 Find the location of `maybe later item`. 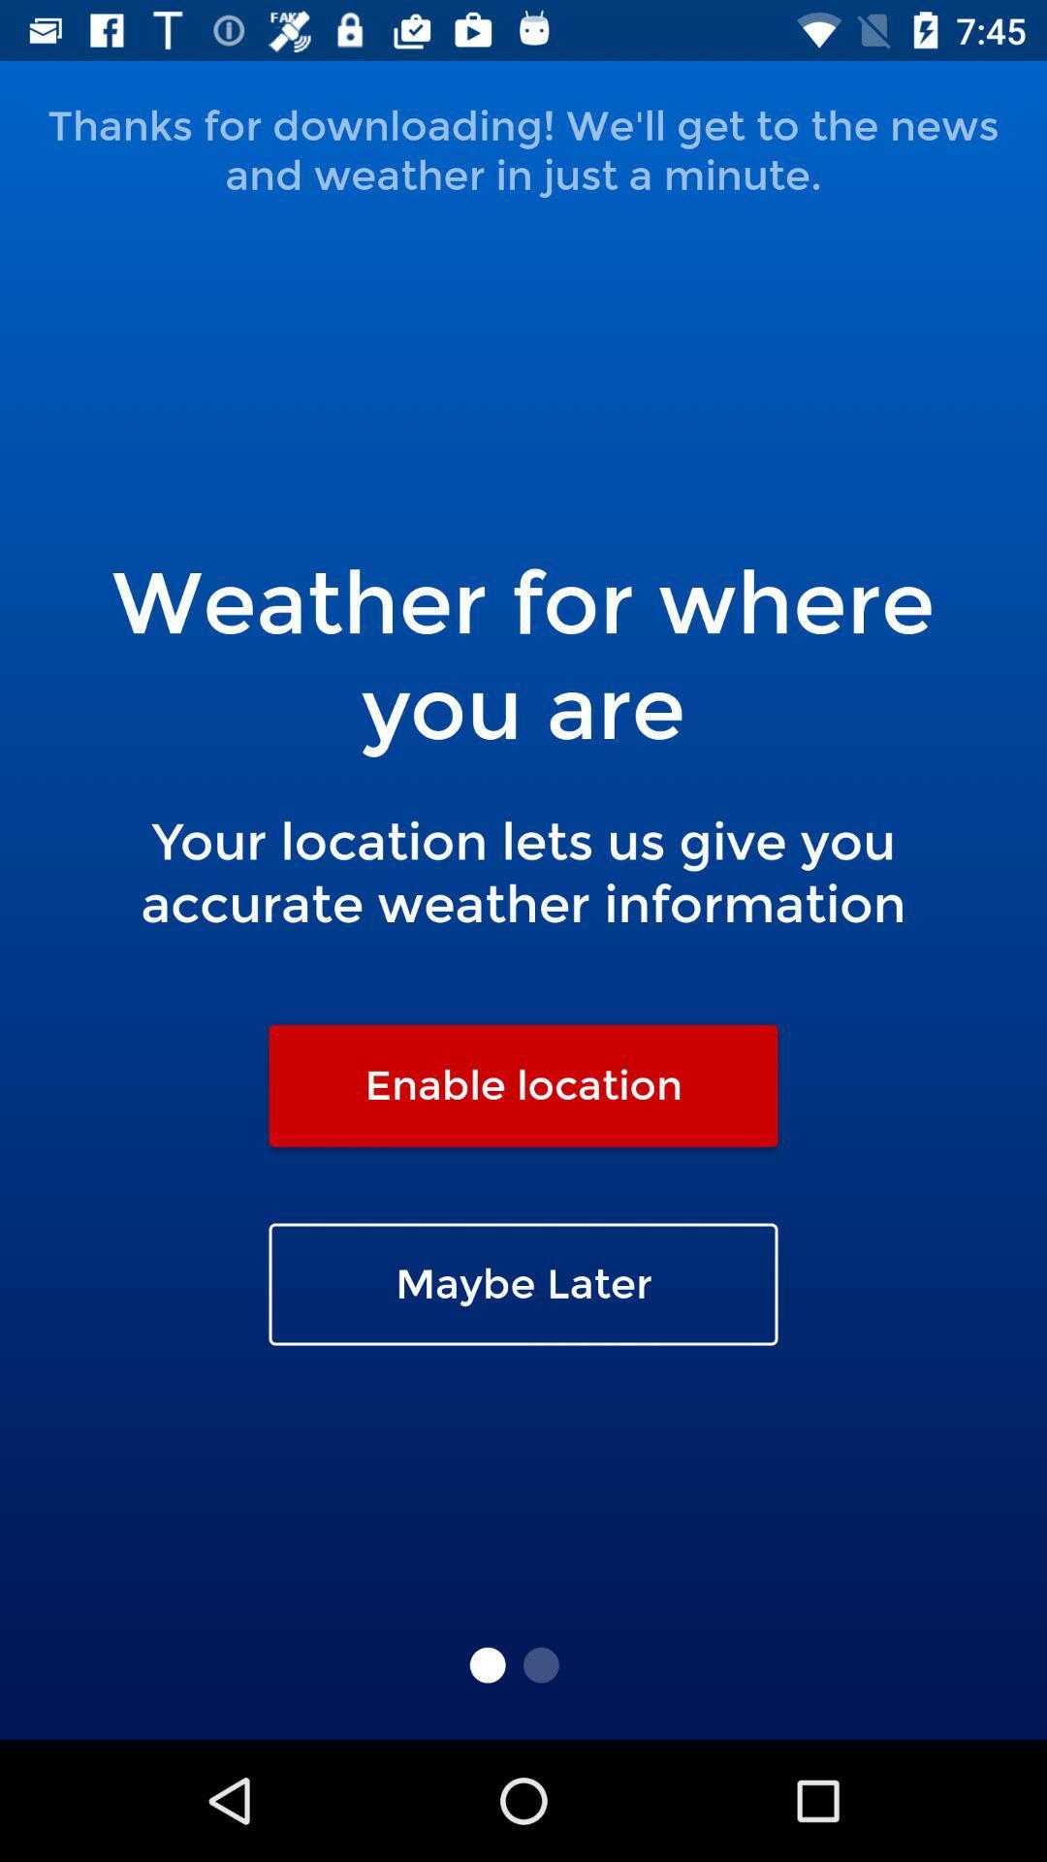

maybe later item is located at coordinates (523, 1284).